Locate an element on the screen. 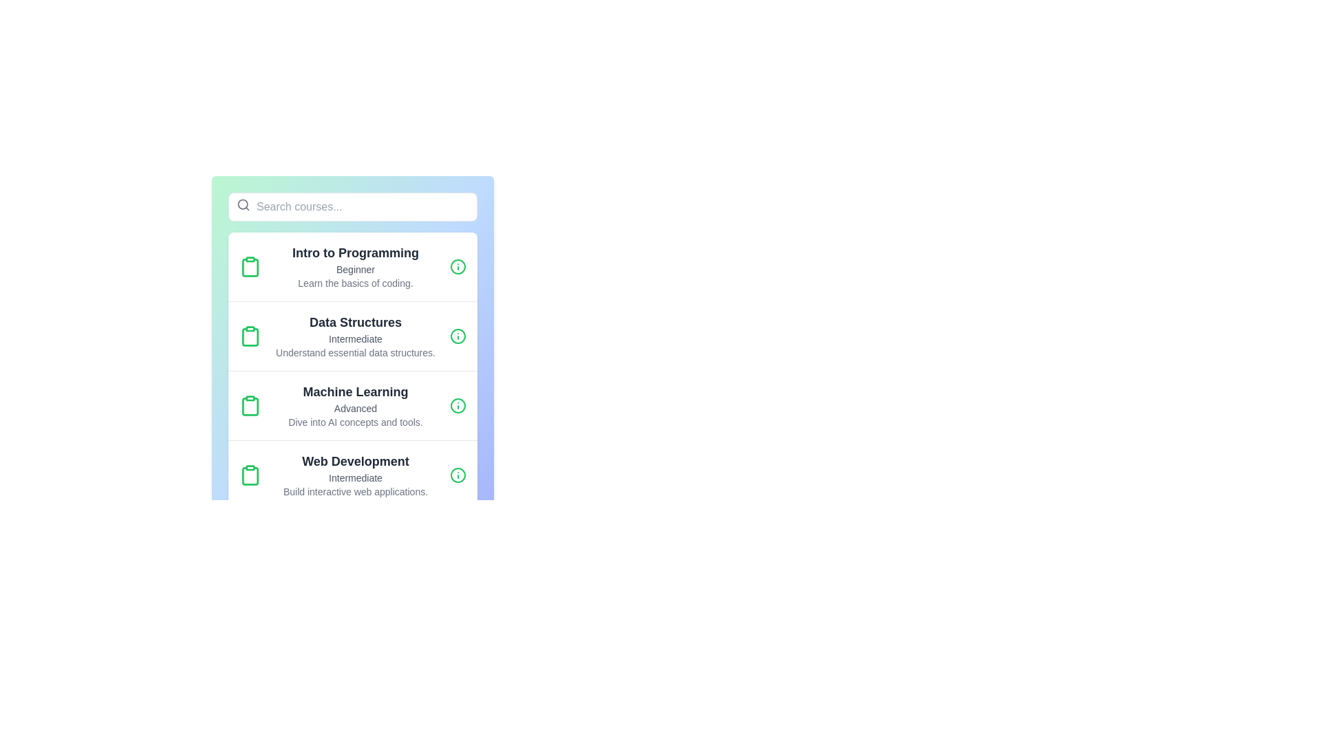  an item in the interactive list of courses is located at coordinates (353, 370).